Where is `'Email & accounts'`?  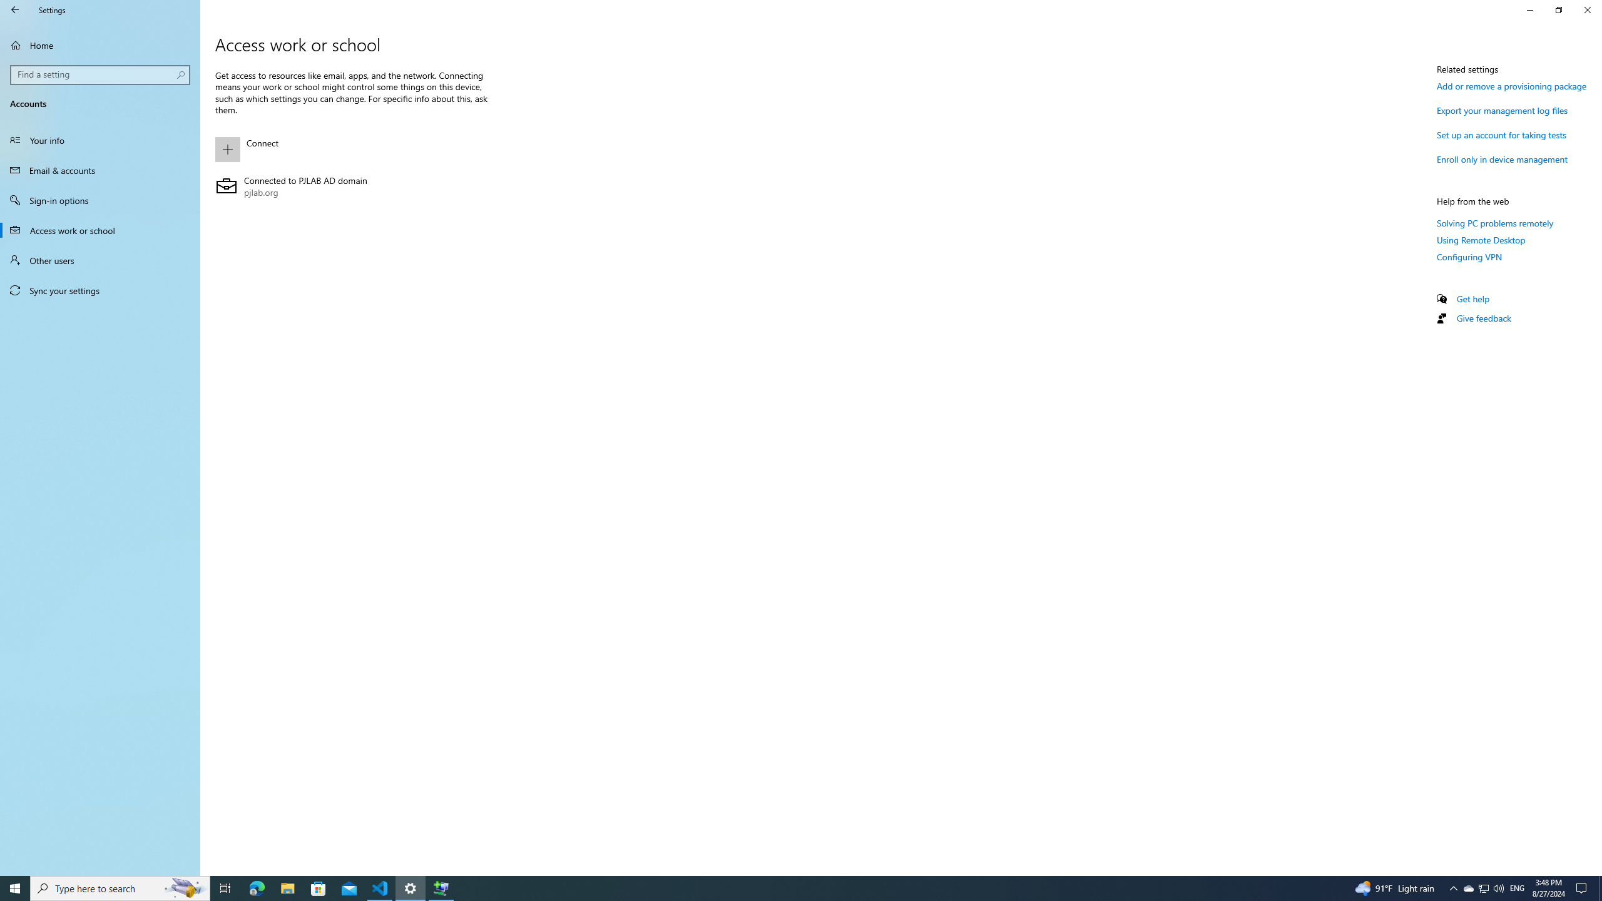
'Email & accounts' is located at coordinates (99, 170).